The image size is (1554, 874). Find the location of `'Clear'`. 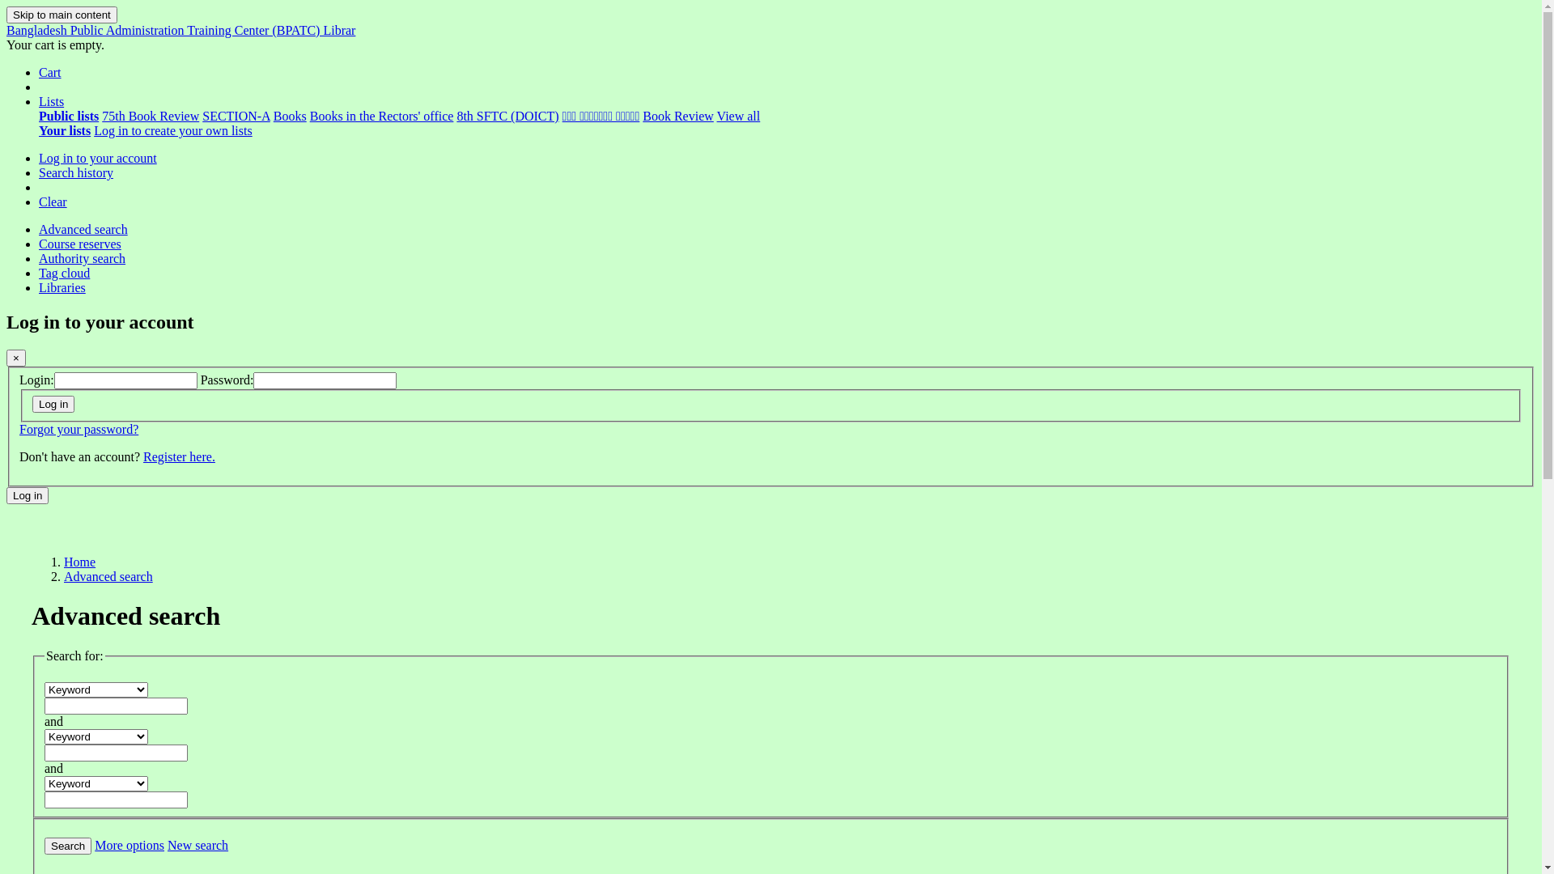

'Clear' is located at coordinates (39, 201).